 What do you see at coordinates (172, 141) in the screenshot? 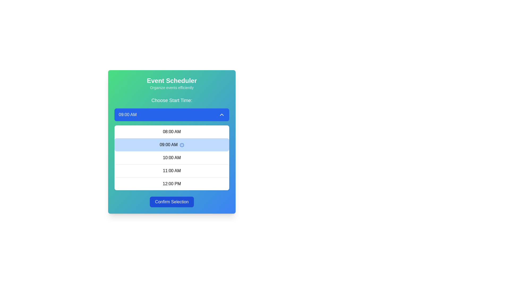
I see `the dropdown menu containing the list item '09:00 AM' which is highlighted with a blue background in the 'Event Scheduler' modal` at bounding box center [172, 141].